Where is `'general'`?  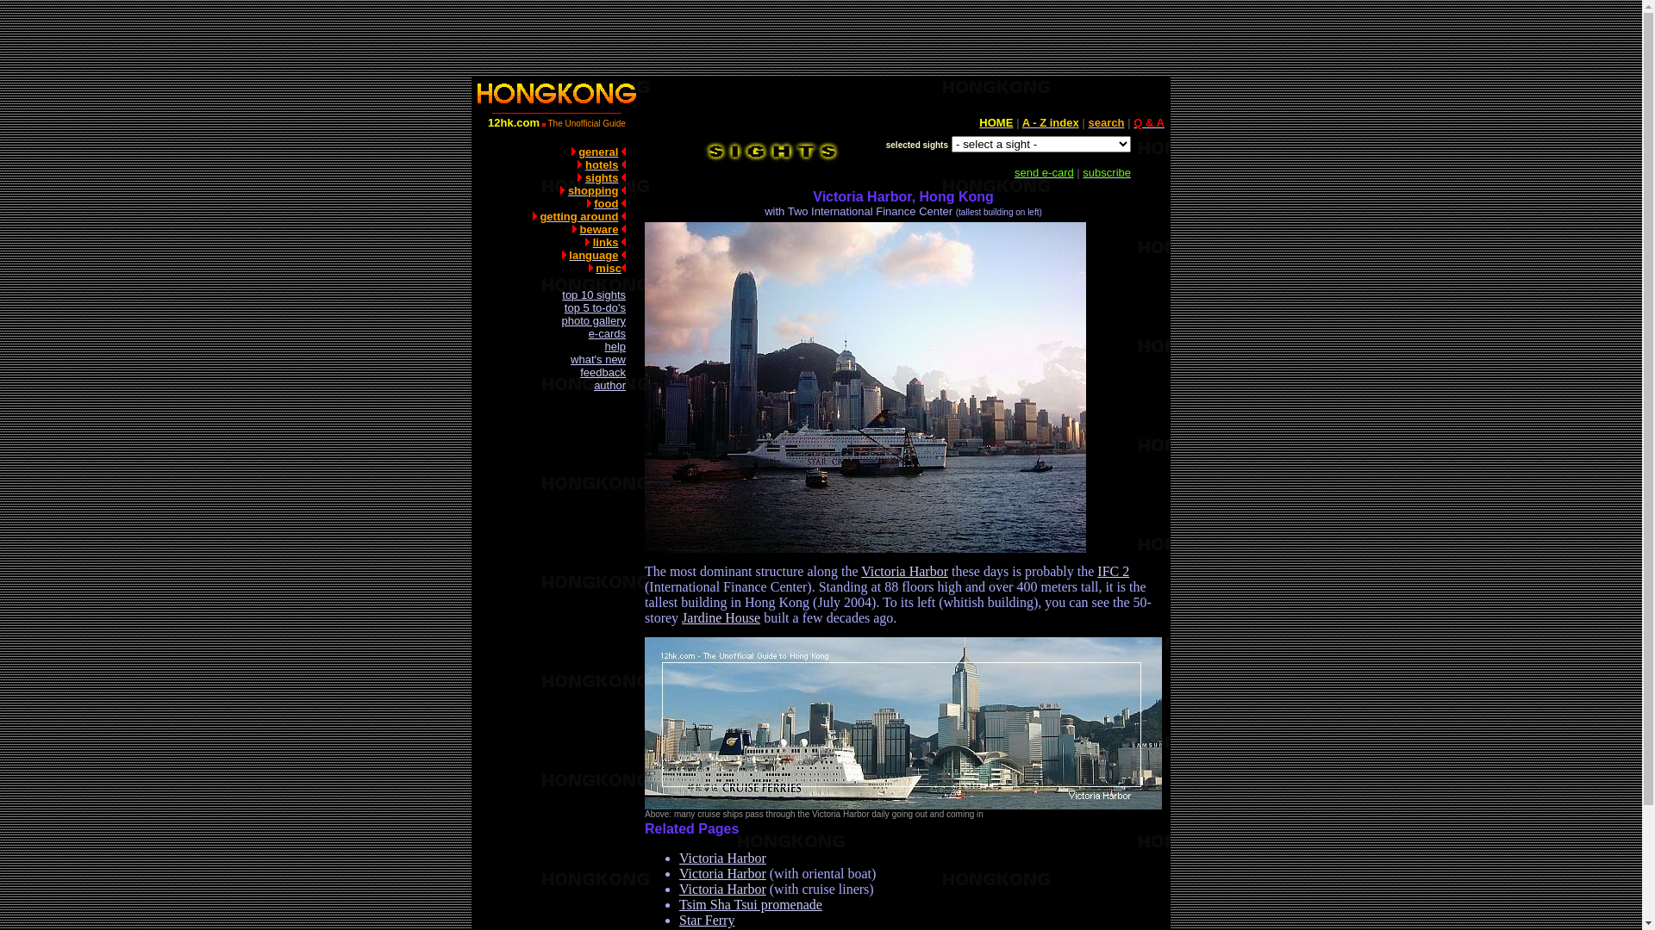 'general' is located at coordinates (598, 151).